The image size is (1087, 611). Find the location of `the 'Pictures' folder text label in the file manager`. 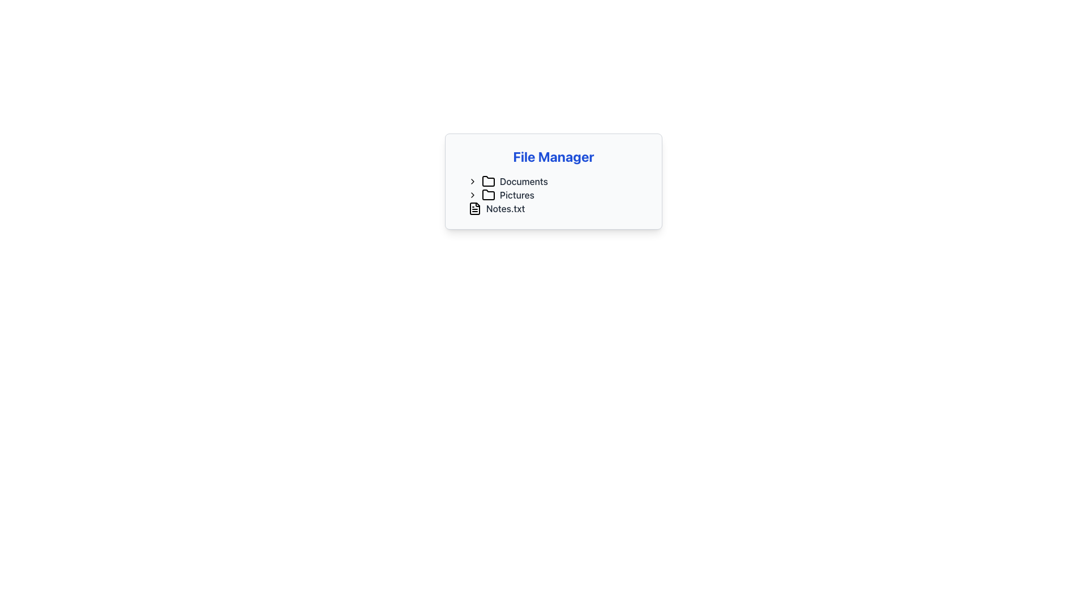

the 'Pictures' folder text label in the file manager is located at coordinates (516, 194).